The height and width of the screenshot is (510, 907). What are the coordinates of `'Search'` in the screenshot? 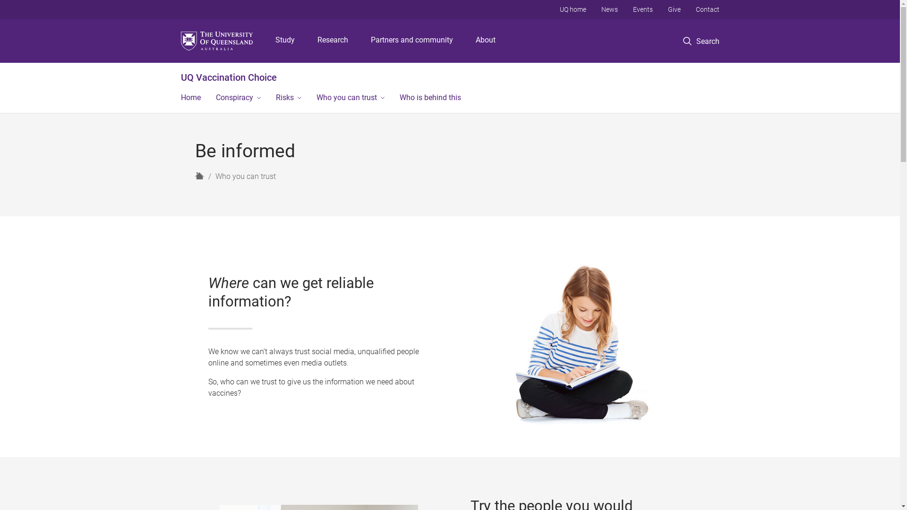 It's located at (701, 41).